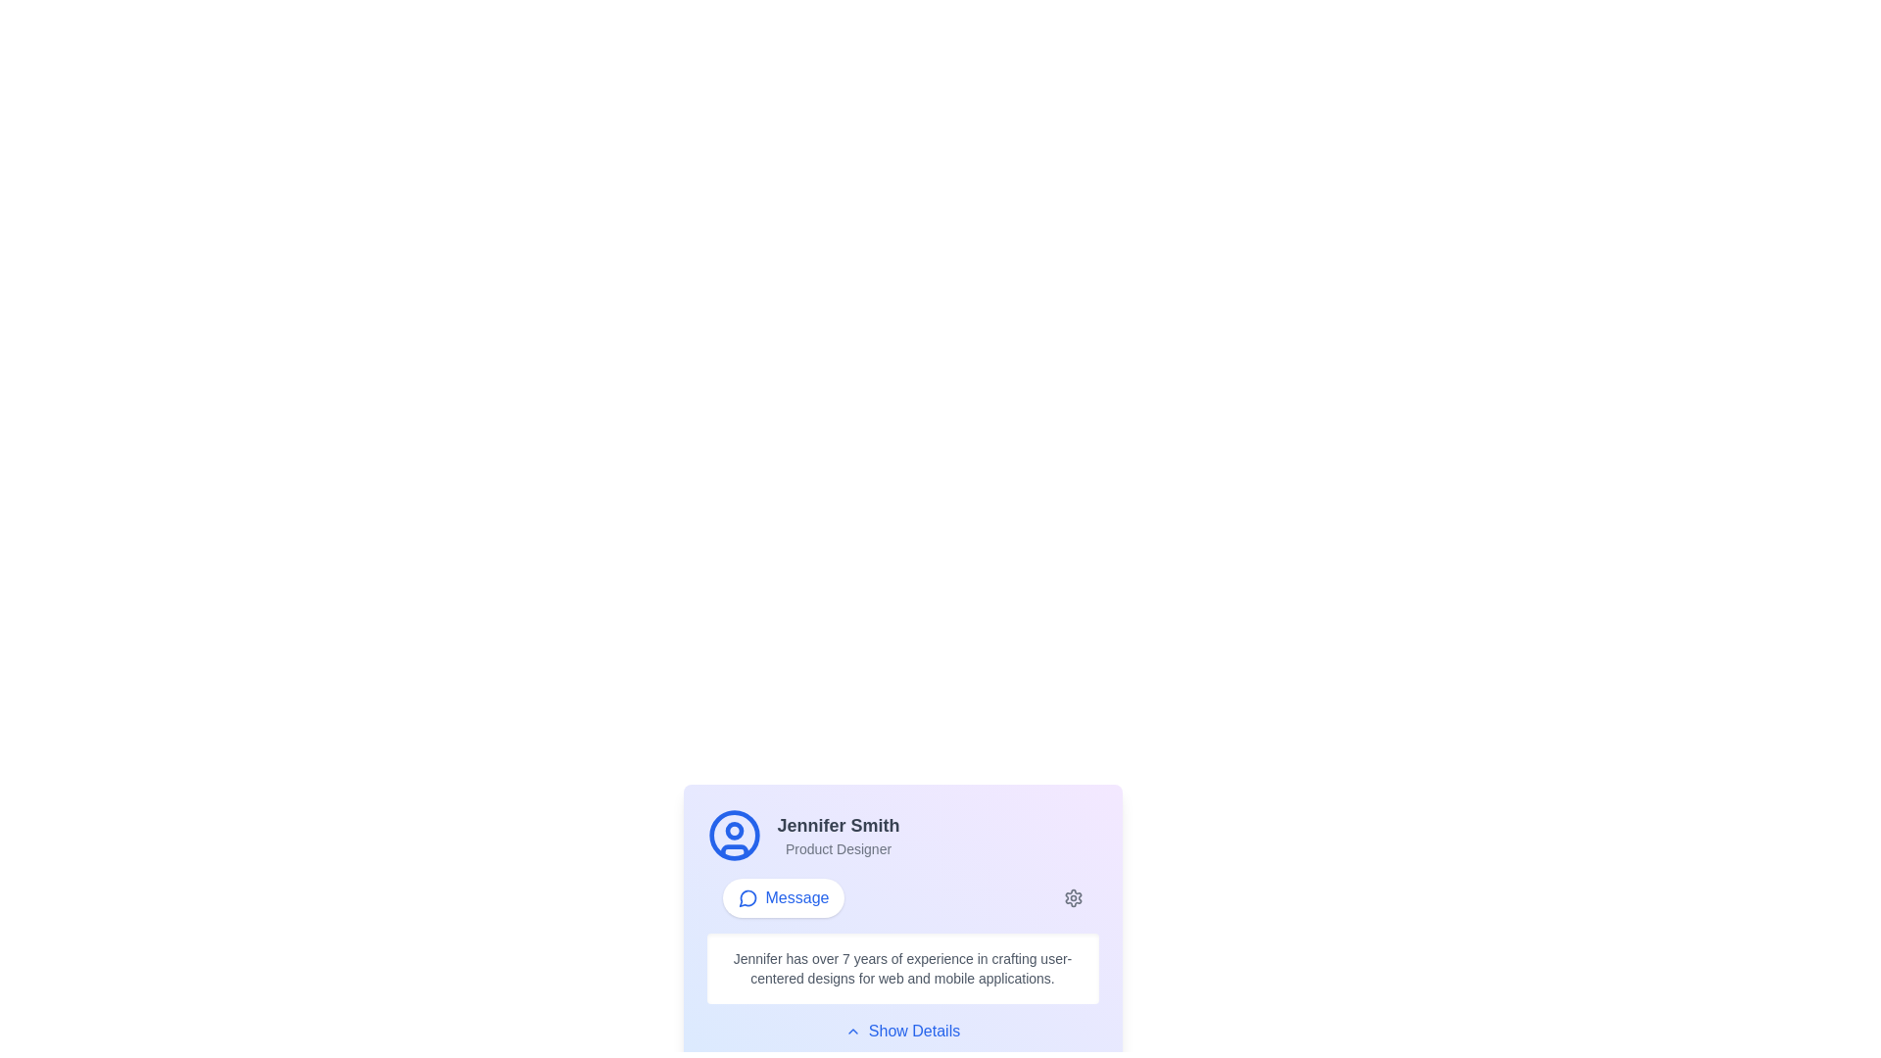 This screenshot has width=1881, height=1058. What do you see at coordinates (733, 835) in the screenshot?
I see `the large circle graphic component representing the head of a person in the user profile icon located to the left of the 'Jennifer Smith' label` at bounding box center [733, 835].